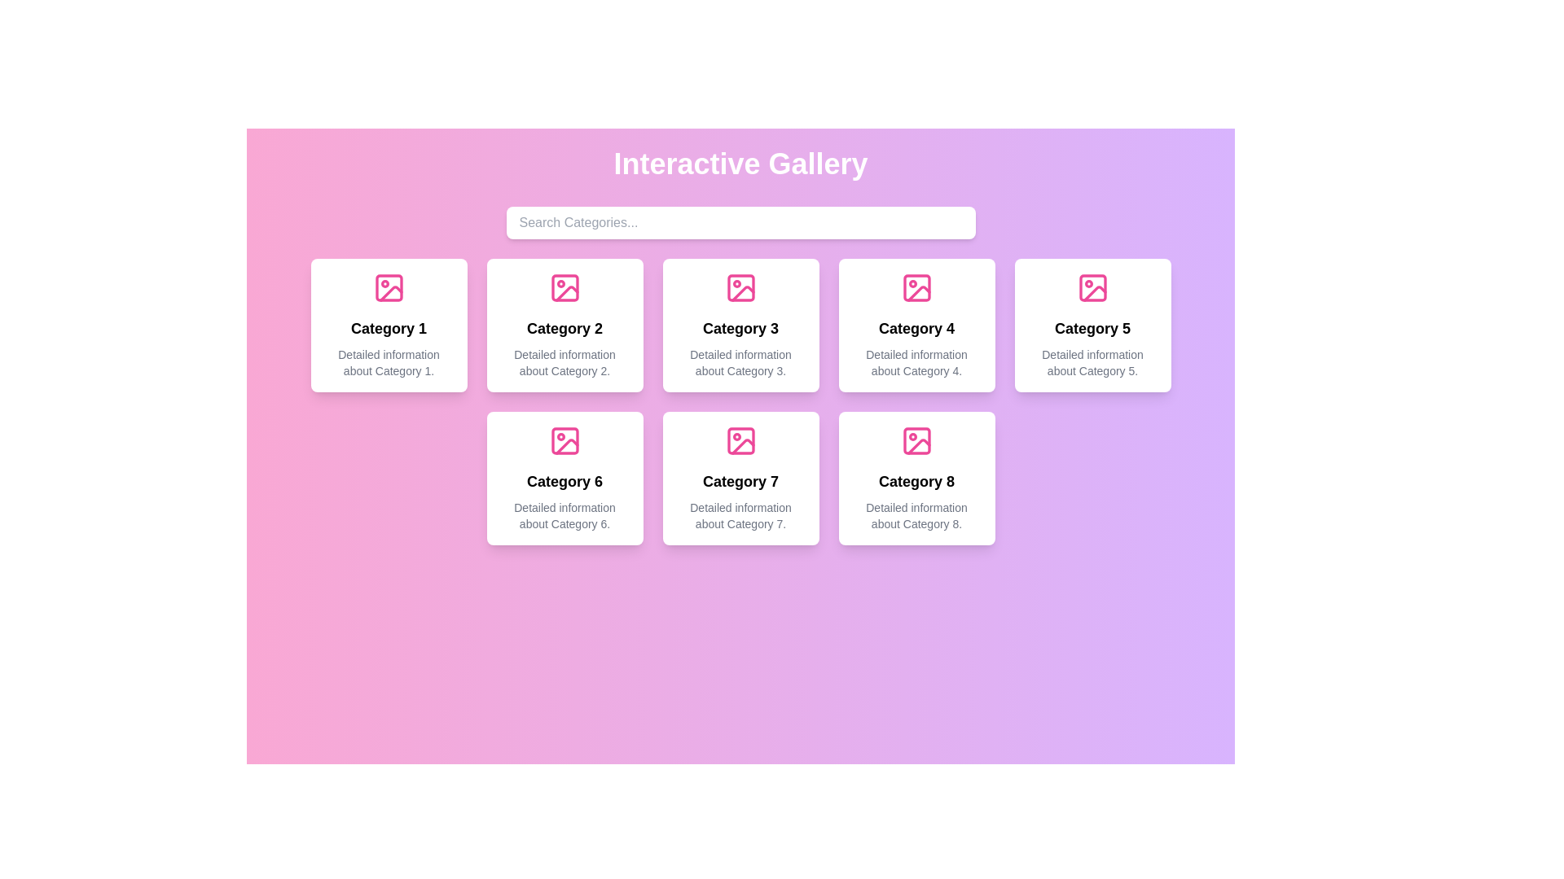 This screenshot has height=879, width=1564. I want to click on the text content of the title label located in the second row and third position of the card layout, which identifies the card's content clearly, so click(740, 480).